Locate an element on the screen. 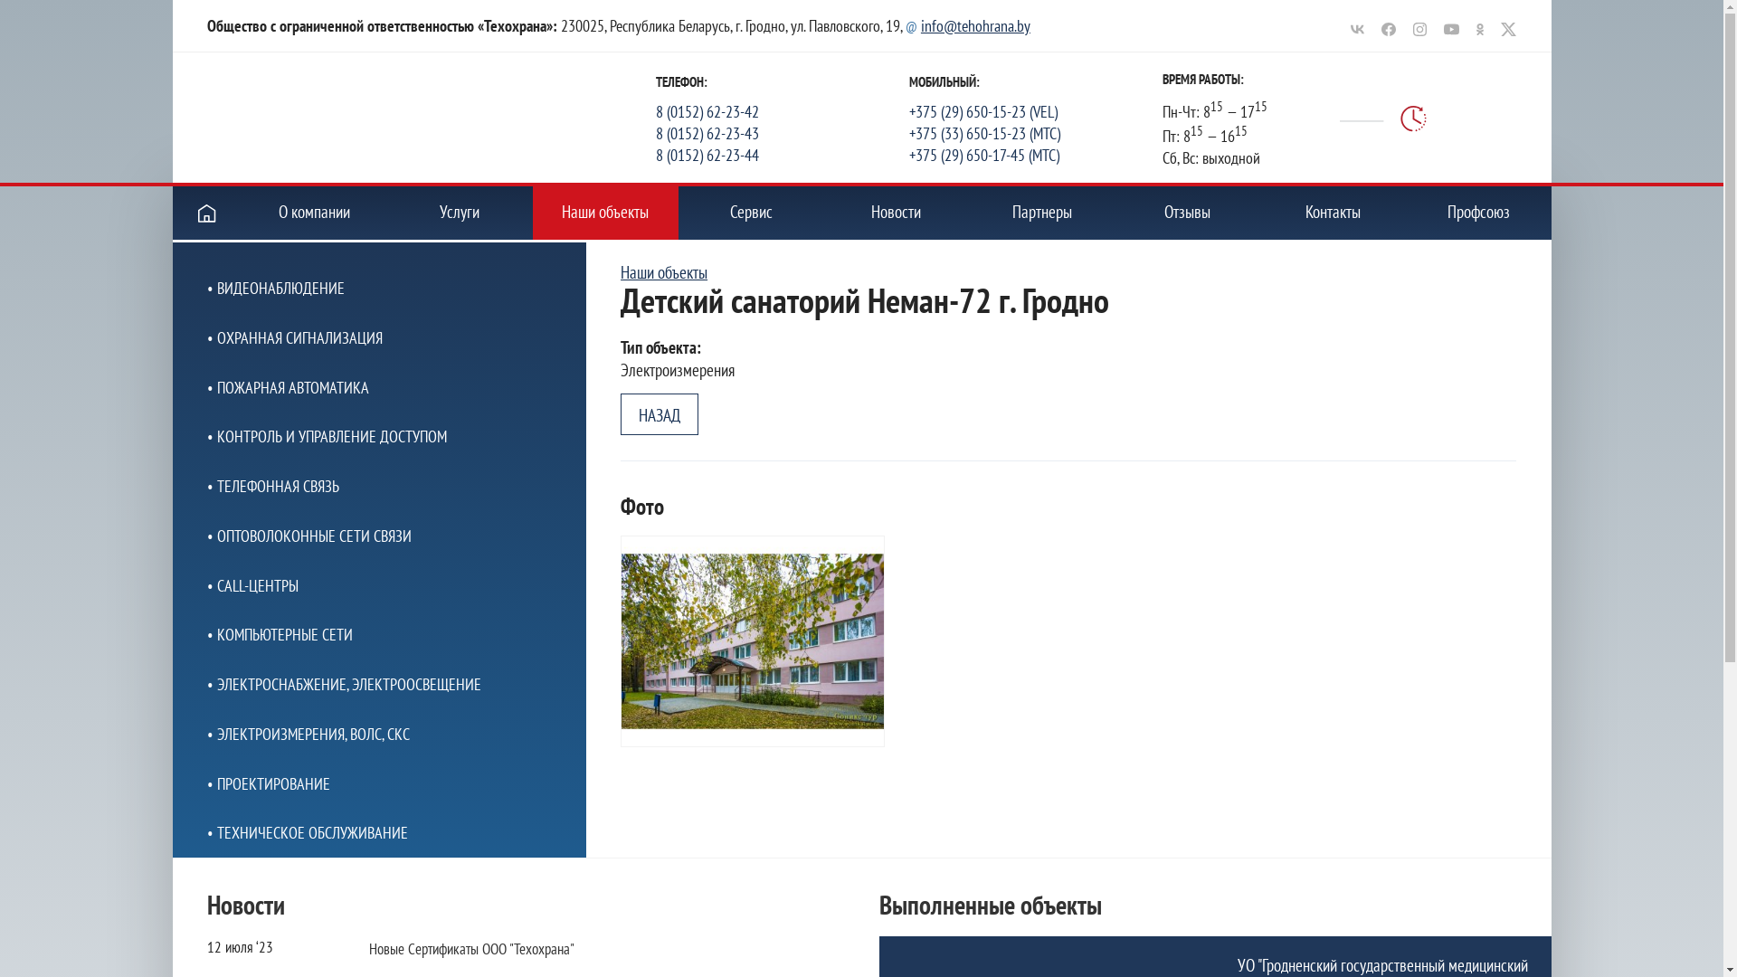  'info@tehohrana.by' is located at coordinates (974, 24).